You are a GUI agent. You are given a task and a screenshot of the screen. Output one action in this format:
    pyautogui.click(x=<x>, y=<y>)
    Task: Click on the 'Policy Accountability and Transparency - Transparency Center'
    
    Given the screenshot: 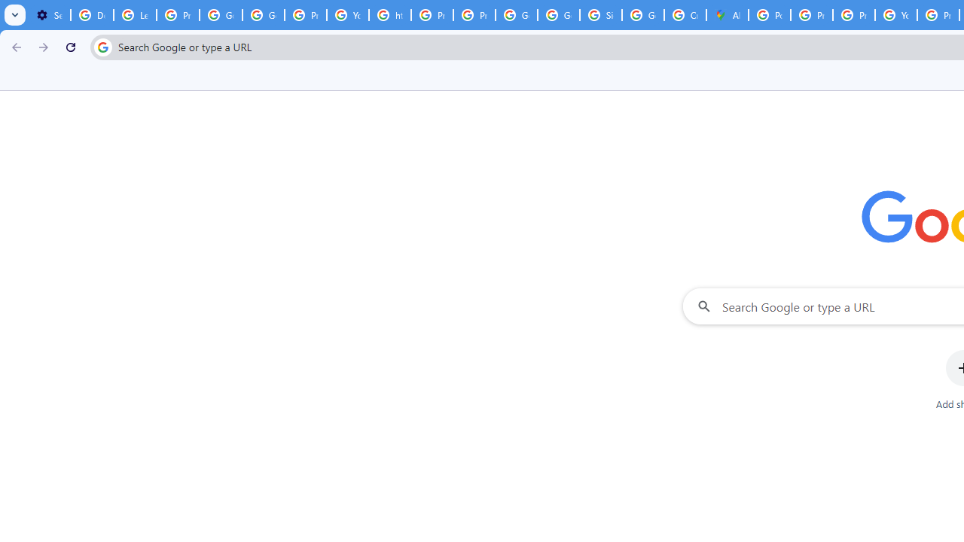 What is the action you would take?
    pyautogui.click(x=770, y=15)
    